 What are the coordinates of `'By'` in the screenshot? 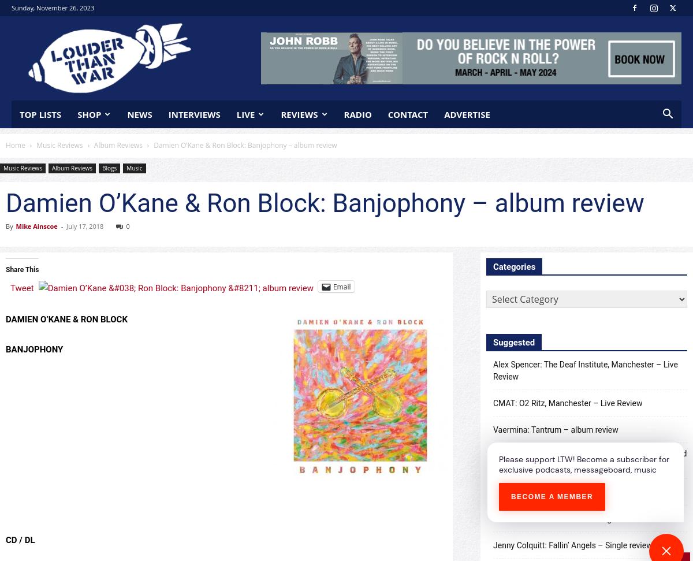 It's located at (9, 225).